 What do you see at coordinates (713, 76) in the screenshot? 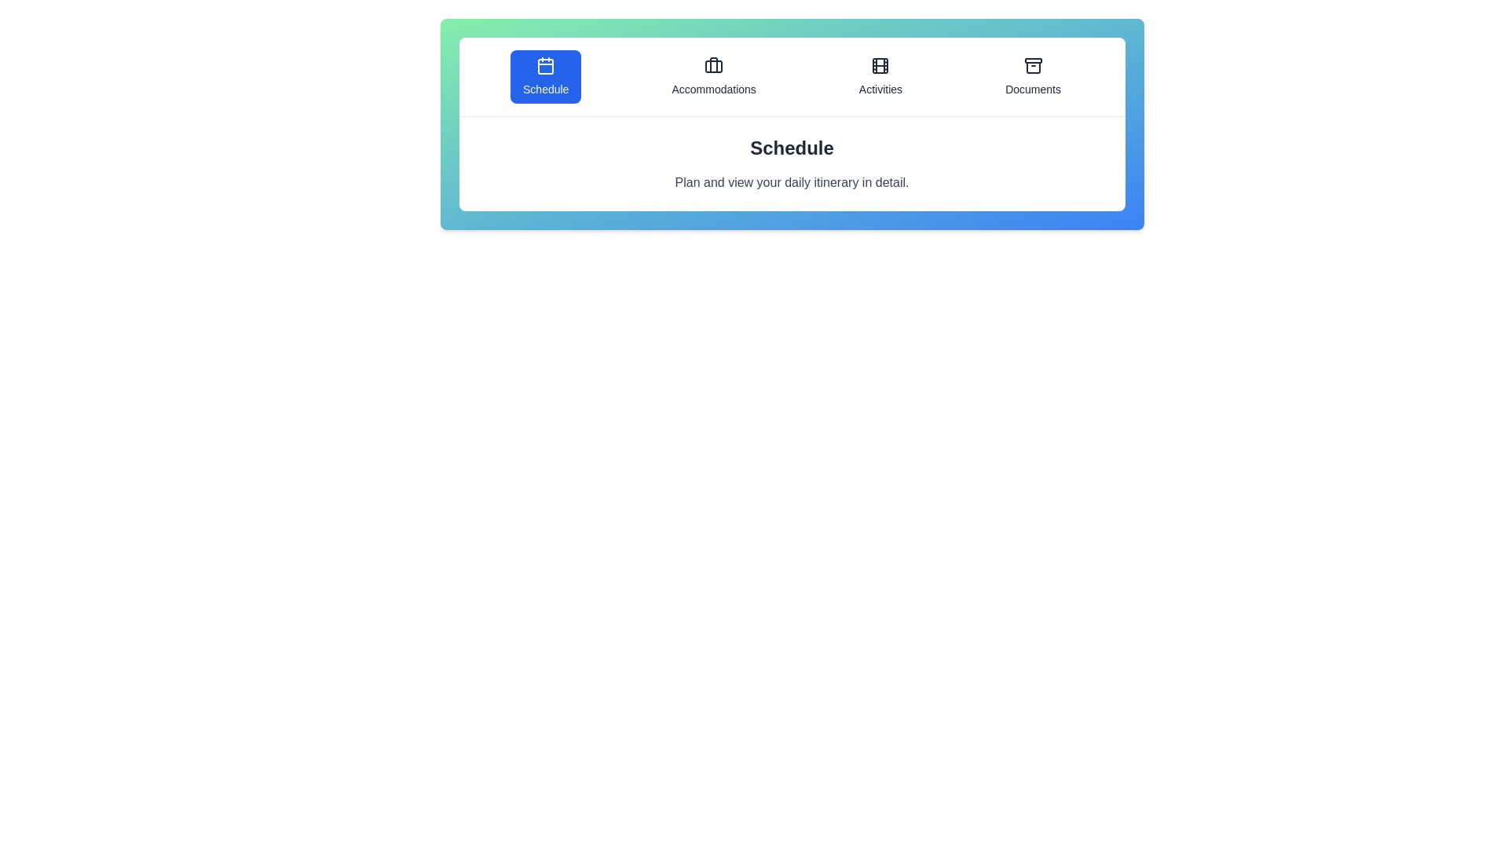
I see `the tab icon labeled Accommodations to display its tooltip` at bounding box center [713, 76].